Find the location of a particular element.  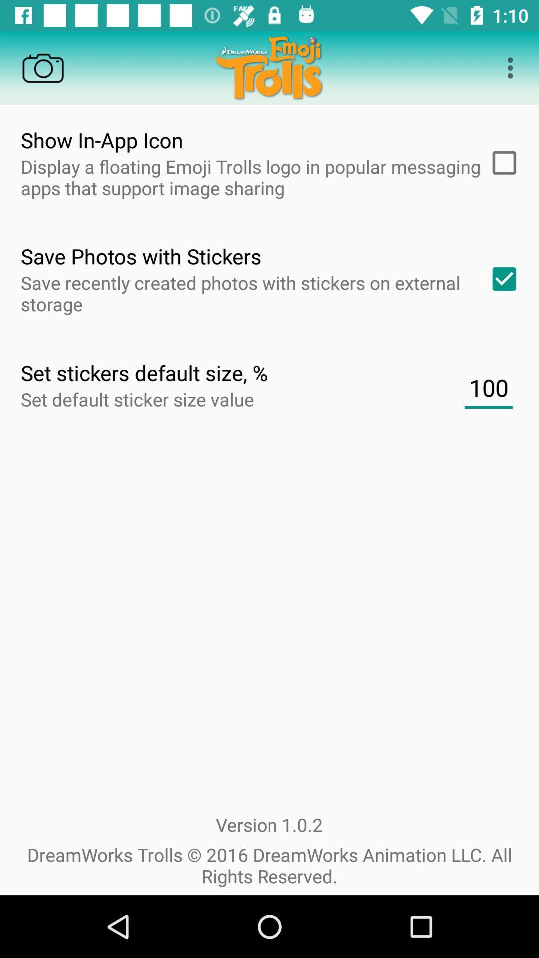

show in-app icon is located at coordinates (501, 163).